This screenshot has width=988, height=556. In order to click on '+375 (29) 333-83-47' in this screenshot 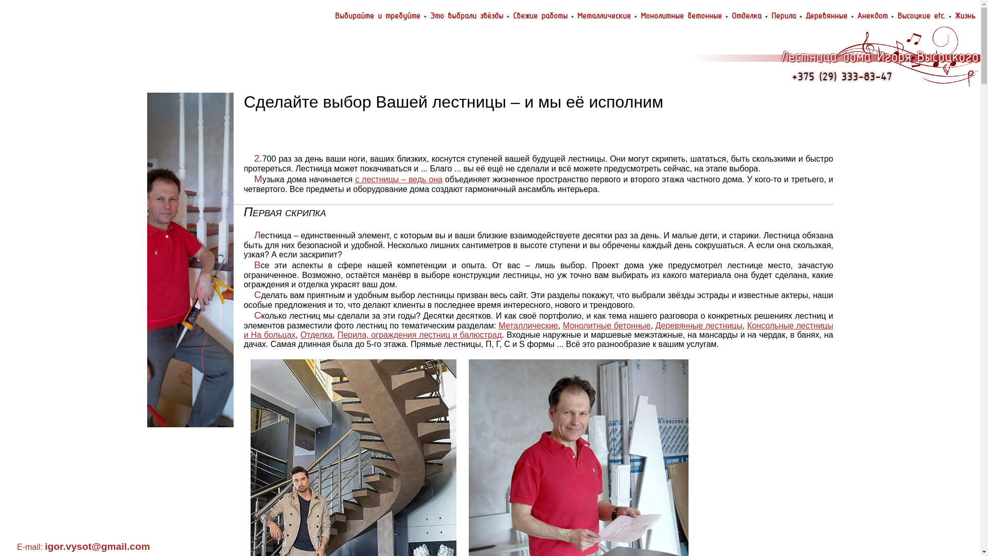, I will do `click(842, 75)`.